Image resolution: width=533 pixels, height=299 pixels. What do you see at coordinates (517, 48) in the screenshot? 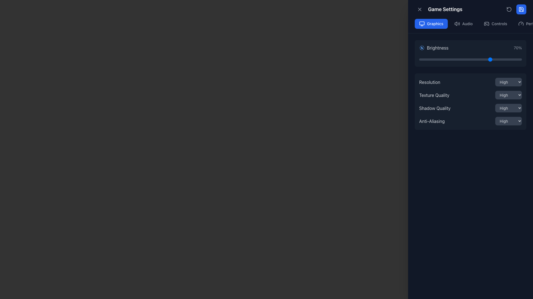
I see `the Text label that displays the current brightness level (70%) located at the top-right corner of the 'Brightness' control panel` at bounding box center [517, 48].